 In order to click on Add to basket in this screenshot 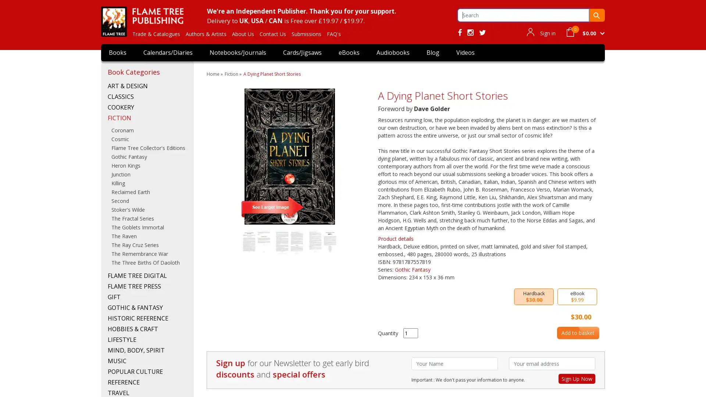, I will do `click(577, 333)`.